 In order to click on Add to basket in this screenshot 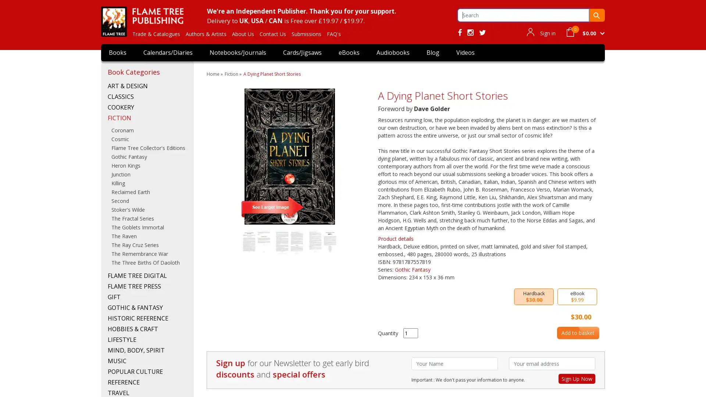, I will do `click(577, 333)`.